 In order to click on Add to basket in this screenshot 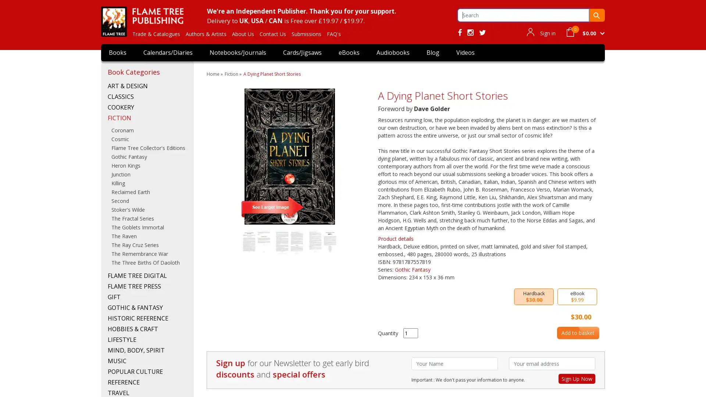, I will do `click(577, 333)`.